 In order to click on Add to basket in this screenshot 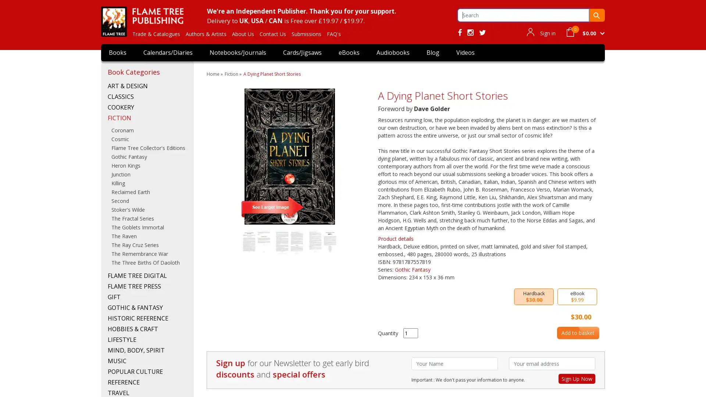, I will do `click(577, 333)`.